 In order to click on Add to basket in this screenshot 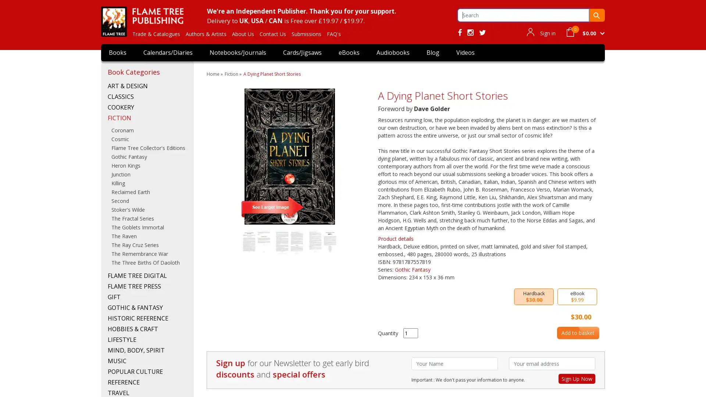, I will do `click(577, 333)`.